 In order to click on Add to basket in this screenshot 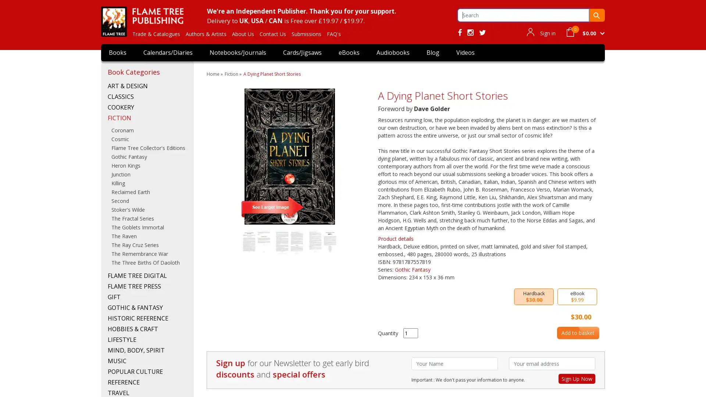, I will do `click(577, 333)`.